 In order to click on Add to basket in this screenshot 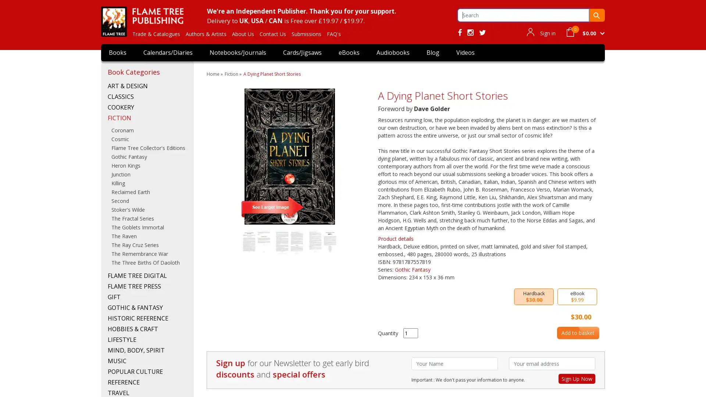, I will do `click(577, 333)`.